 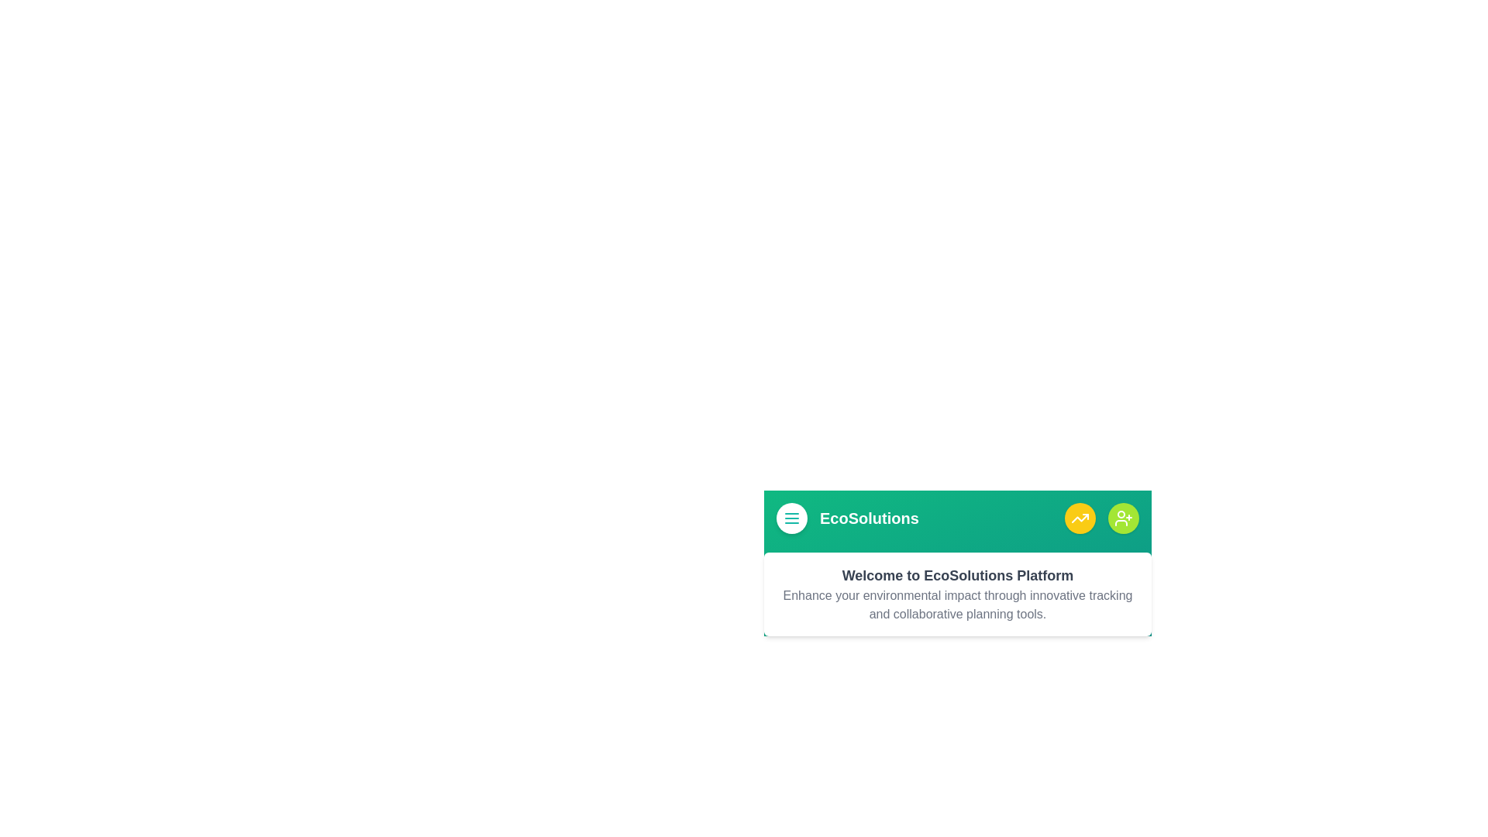 I want to click on the 'User Plus' button to add a new user, so click(x=1123, y=518).